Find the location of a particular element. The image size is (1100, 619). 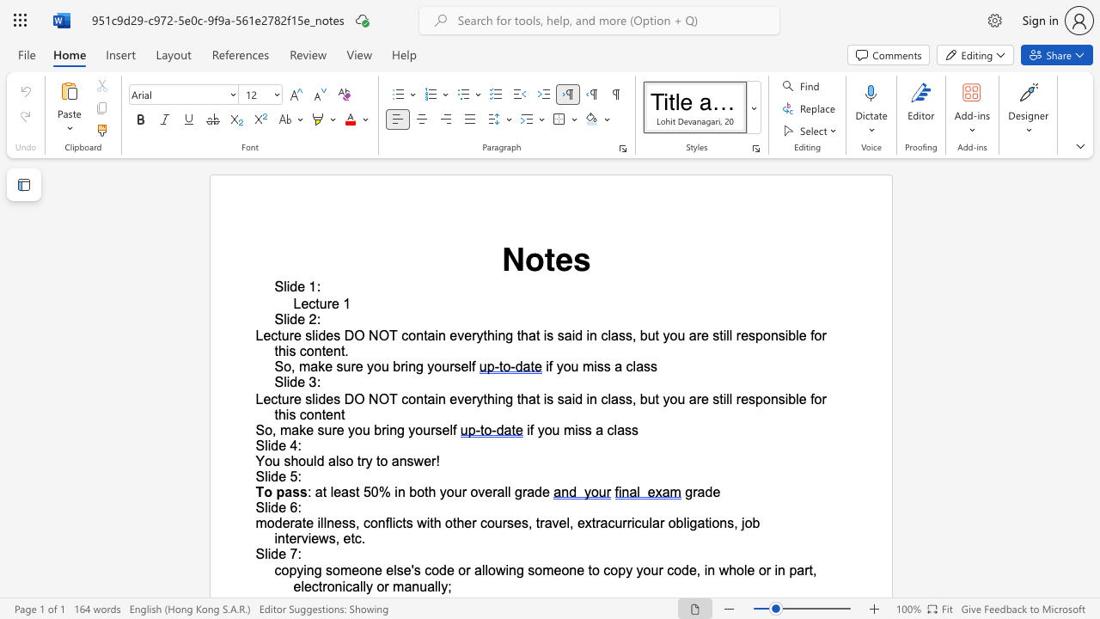

the space between the continuous character "i" and "n" in the text is located at coordinates (398, 492).